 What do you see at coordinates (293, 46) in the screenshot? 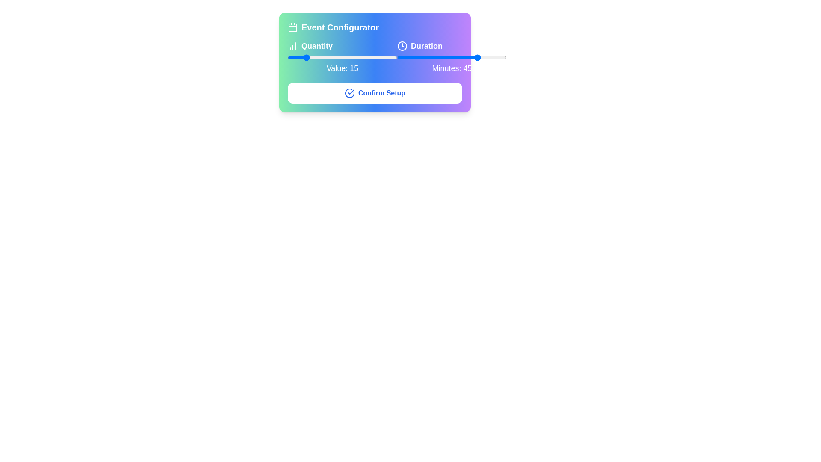
I see `the bar chart icon located to the left of the 'Quantity' text, which features three vertical bars of varying heights in a minimalist design` at bounding box center [293, 46].